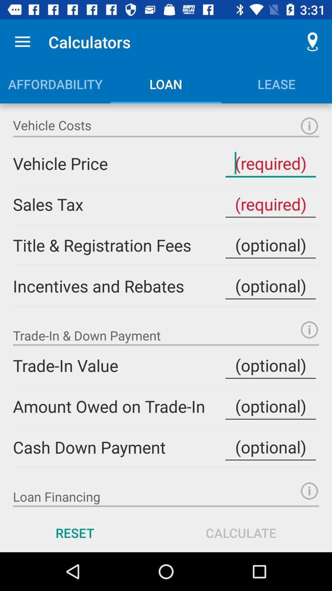  I want to click on the icon next to calculate item, so click(74, 533).